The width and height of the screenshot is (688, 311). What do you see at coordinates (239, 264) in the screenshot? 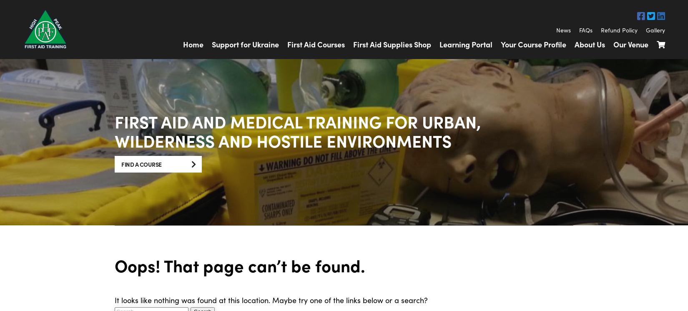
I see `'Oops! That page can’t be found.'` at bounding box center [239, 264].